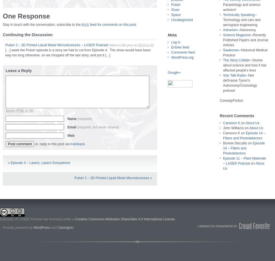  I want to click on 'One Response', so click(26, 16).